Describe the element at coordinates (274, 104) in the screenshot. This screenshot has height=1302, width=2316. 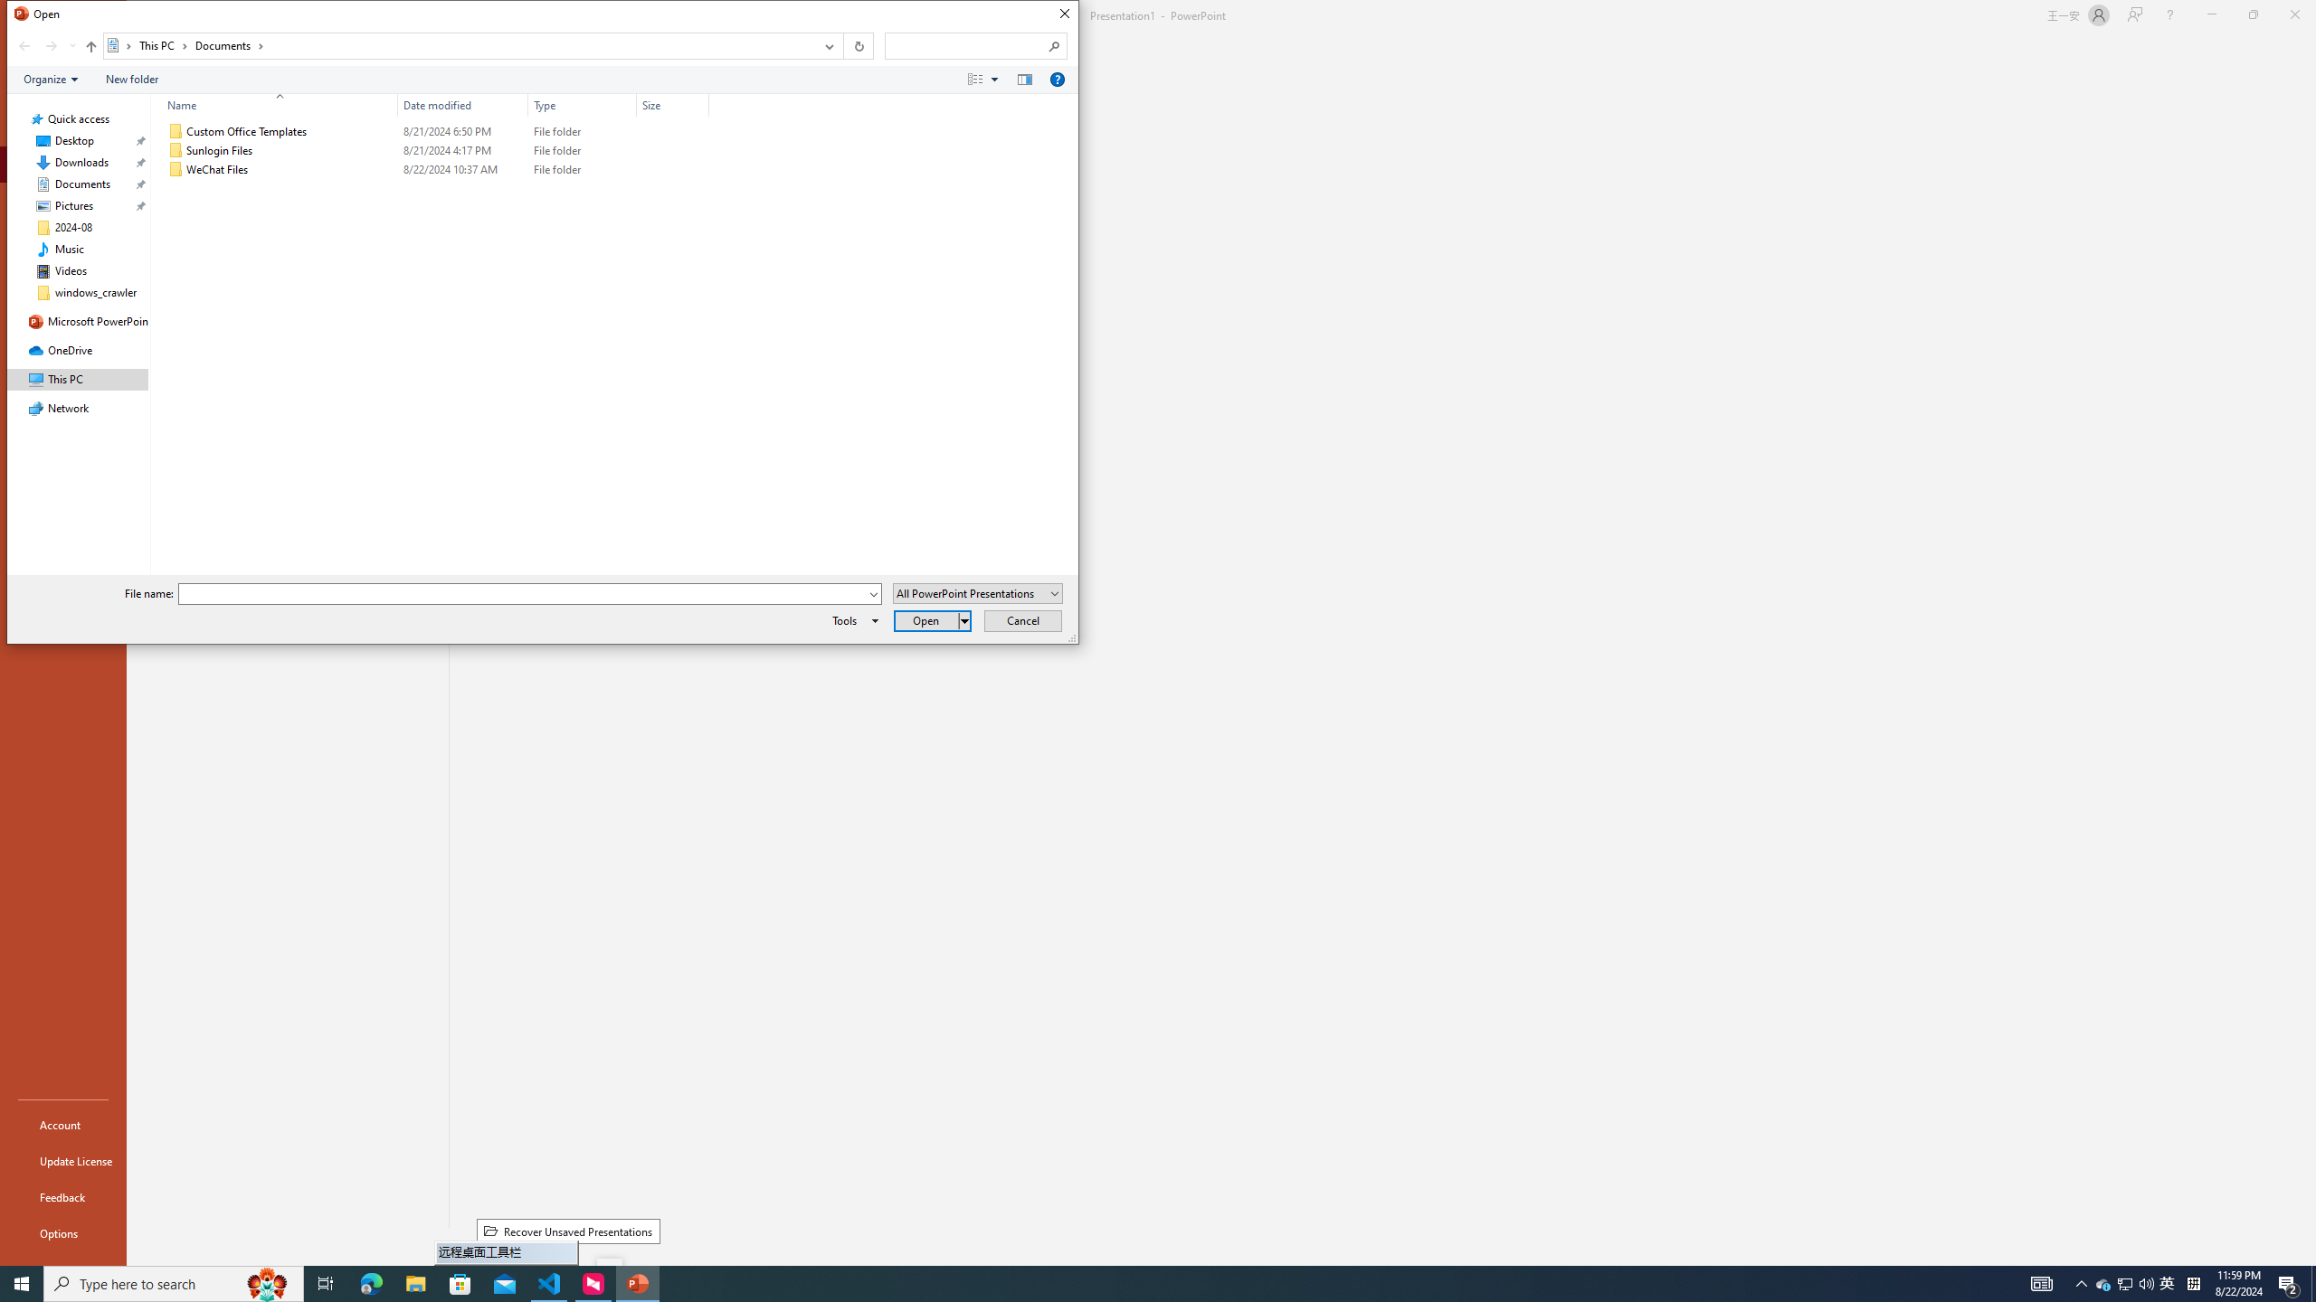
I see `'Name'` at that location.